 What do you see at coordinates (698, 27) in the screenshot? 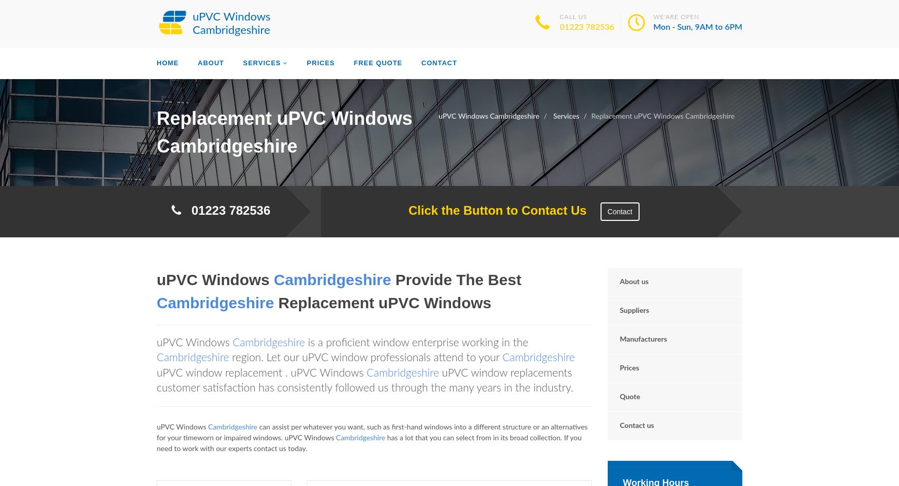
I see `'Mon - Sun, 9AM to 6PM'` at bounding box center [698, 27].